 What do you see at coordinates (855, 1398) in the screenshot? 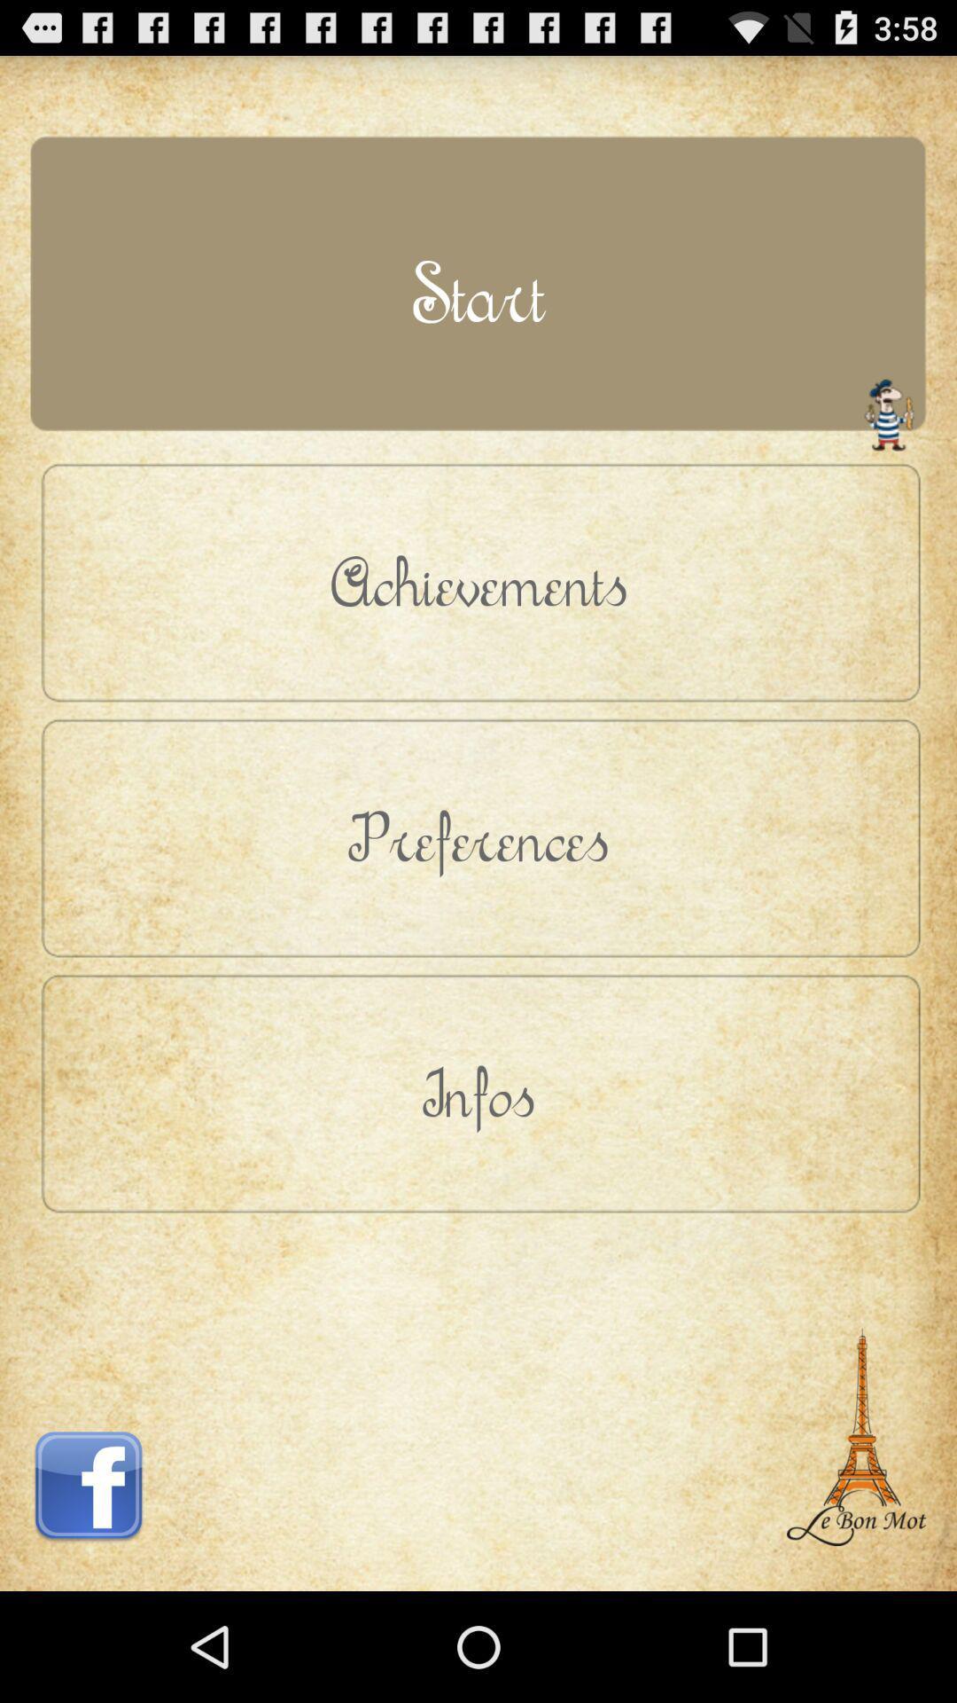
I see `item below infos button` at bounding box center [855, 1398].